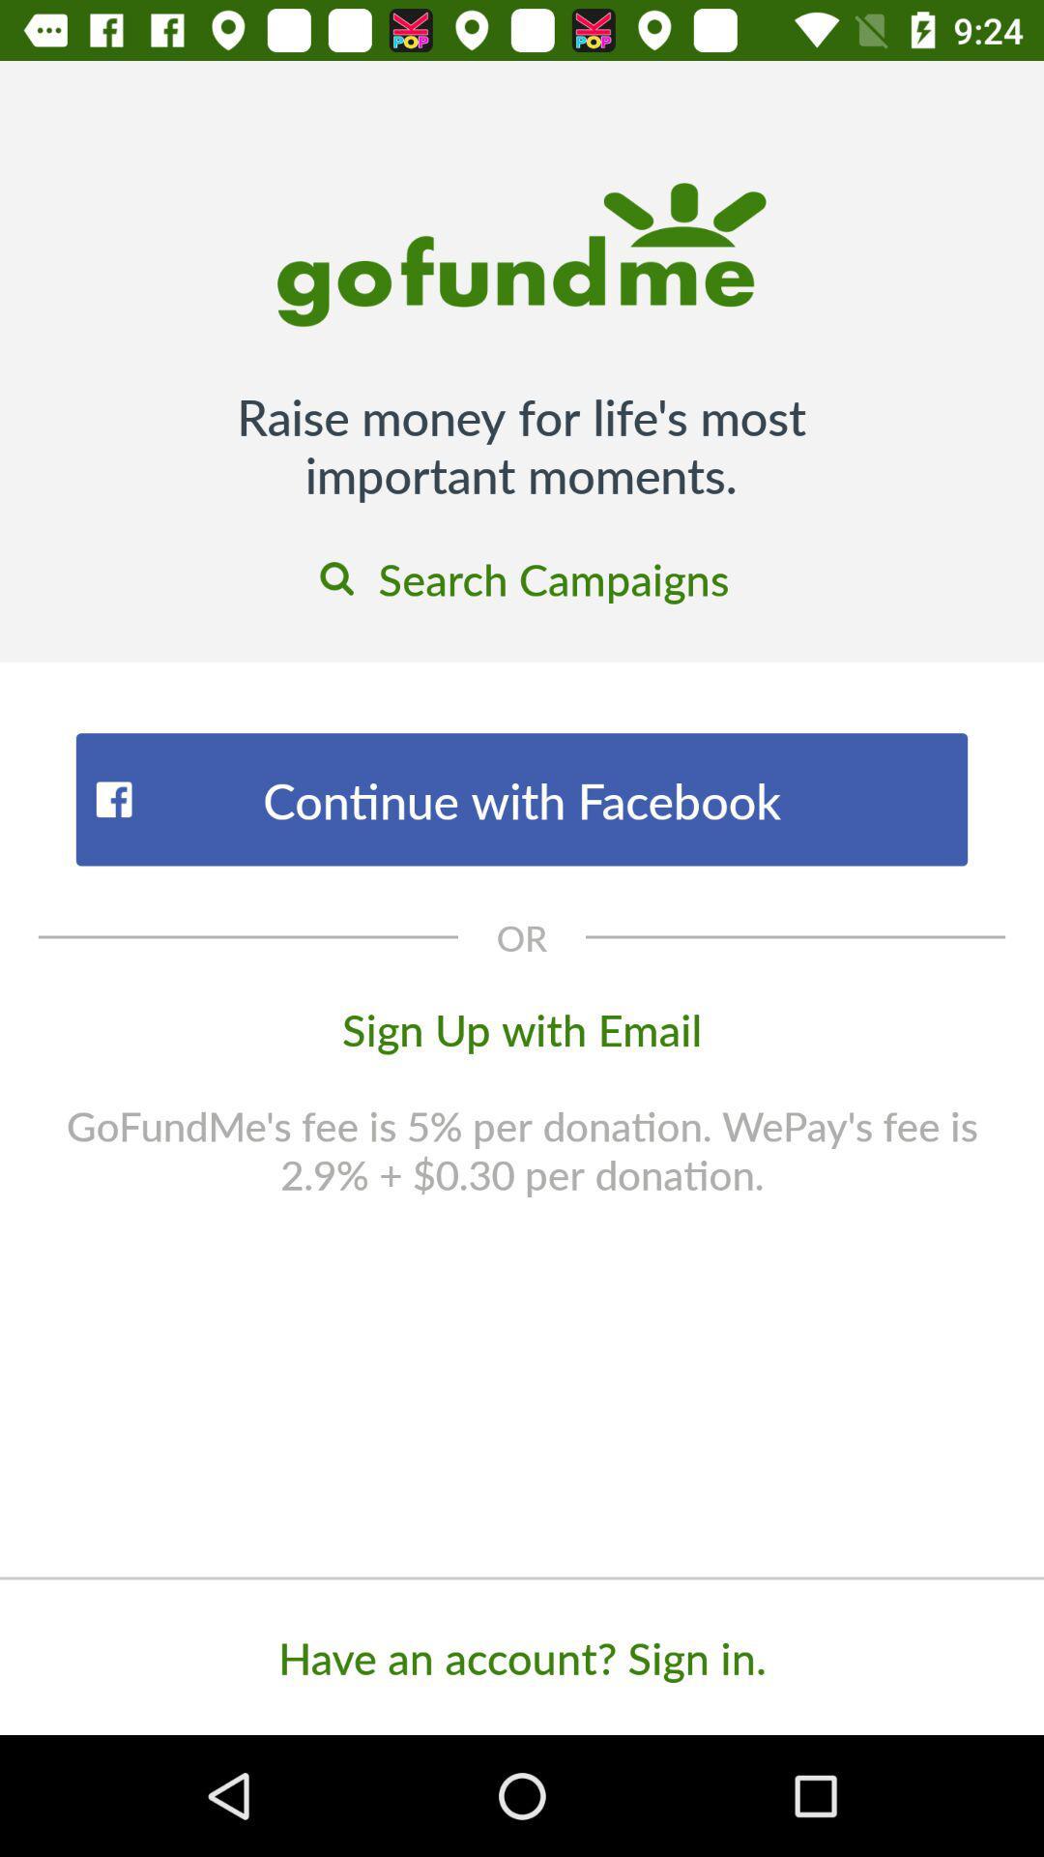 The height and width of the screenshot is (1857, 1044). Describe the element at coordinates (522, 799) in the screenshot. I see `the icon below the search campaigns` at that location.